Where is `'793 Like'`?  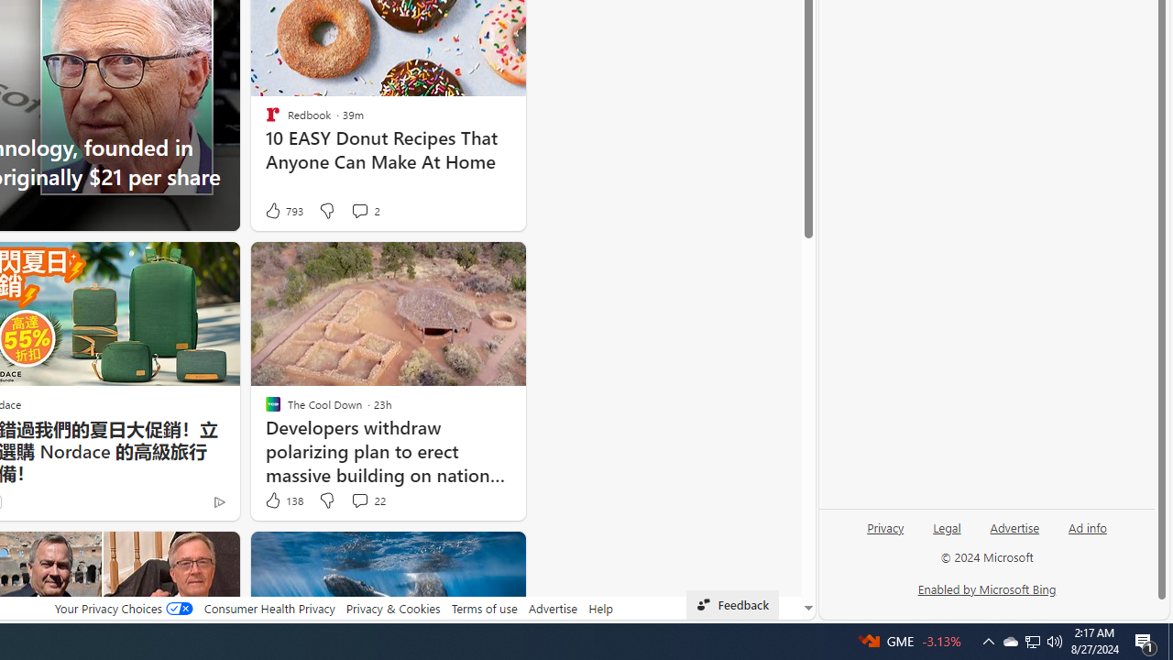
'793 Like' is located at coordinates (282, 210).